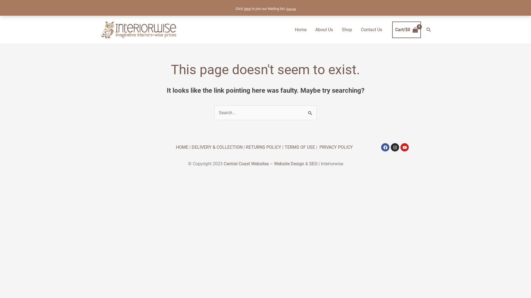 The image size is (531, 298). Describe the element at coordinates (336, 147) in the screenshot. I see `'PRIVACY POLICY'` at that location.